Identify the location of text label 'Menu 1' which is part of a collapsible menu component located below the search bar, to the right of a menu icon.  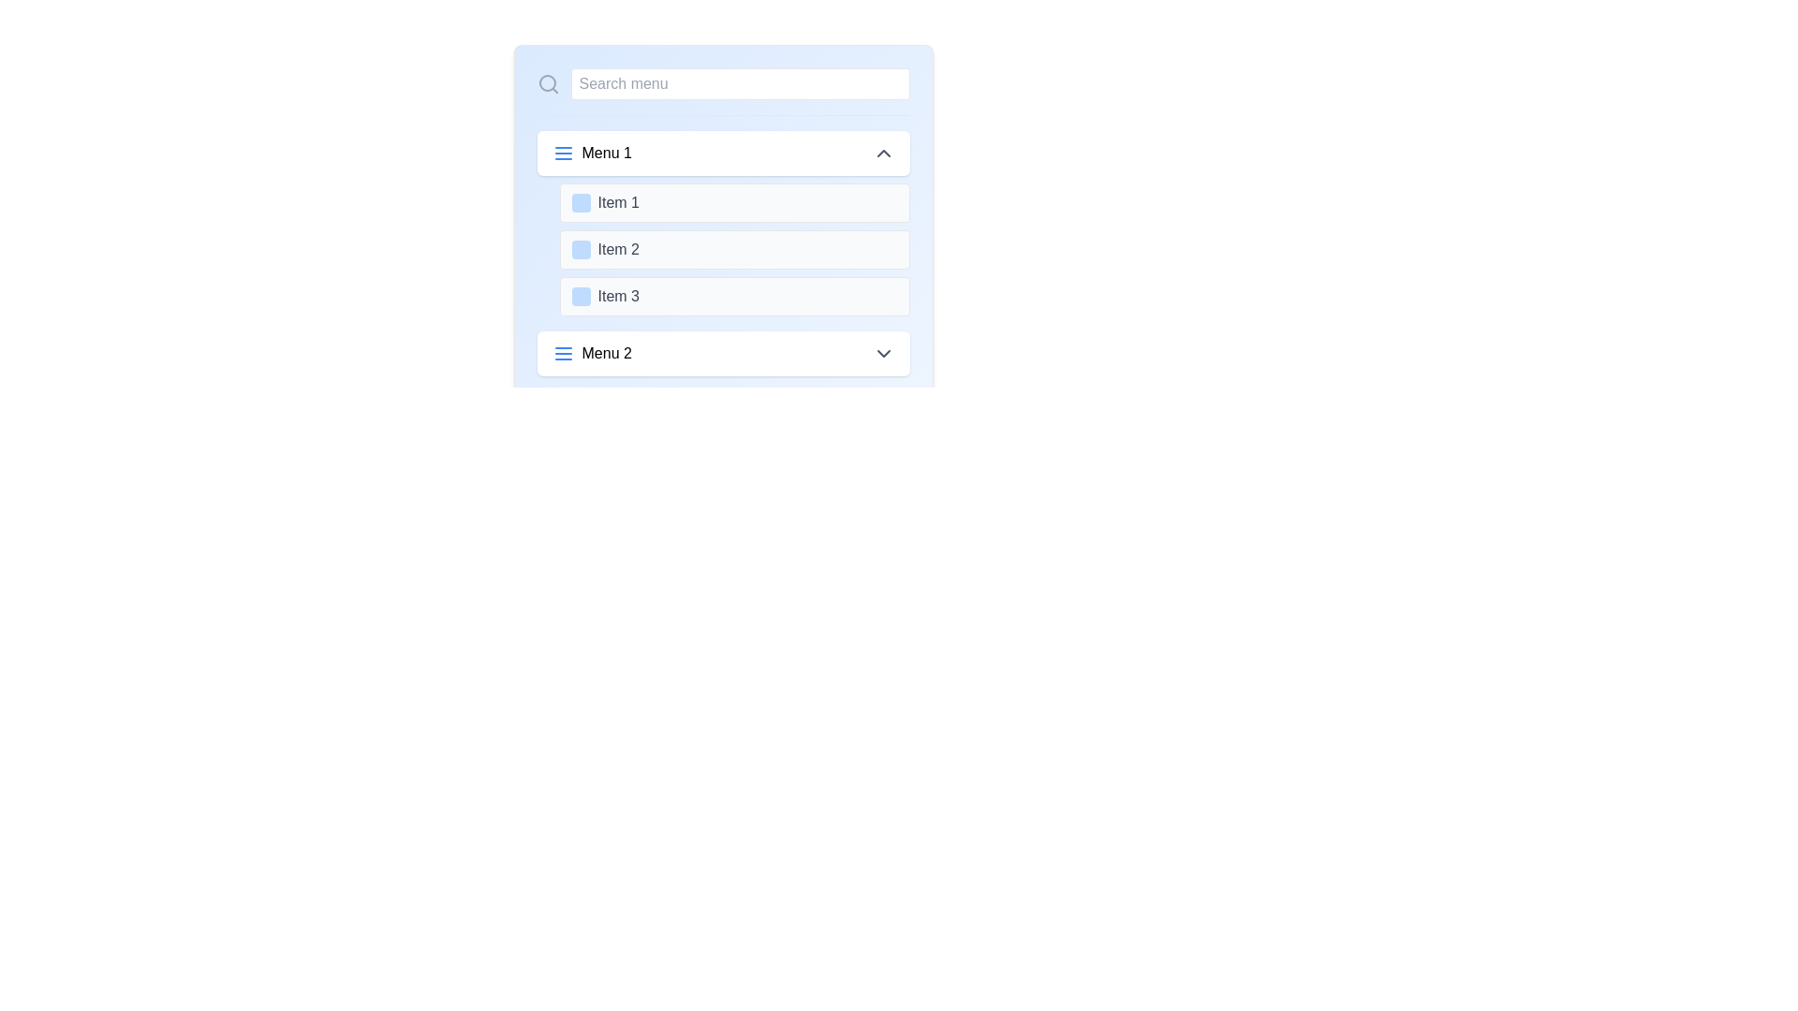
(607, 153).